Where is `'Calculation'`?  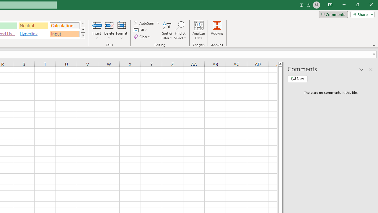
'Calculation' is located at coordinates (64, 25).